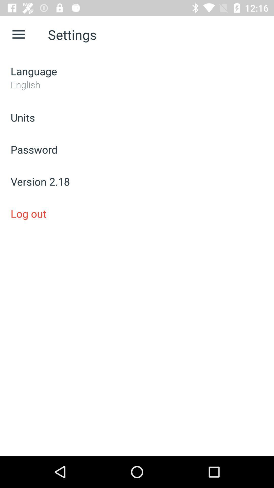 The width and height of the screenshot is (274, 488). Describe the element at coordinates (137, 149) in the screenshot. I see `the password` at that location.